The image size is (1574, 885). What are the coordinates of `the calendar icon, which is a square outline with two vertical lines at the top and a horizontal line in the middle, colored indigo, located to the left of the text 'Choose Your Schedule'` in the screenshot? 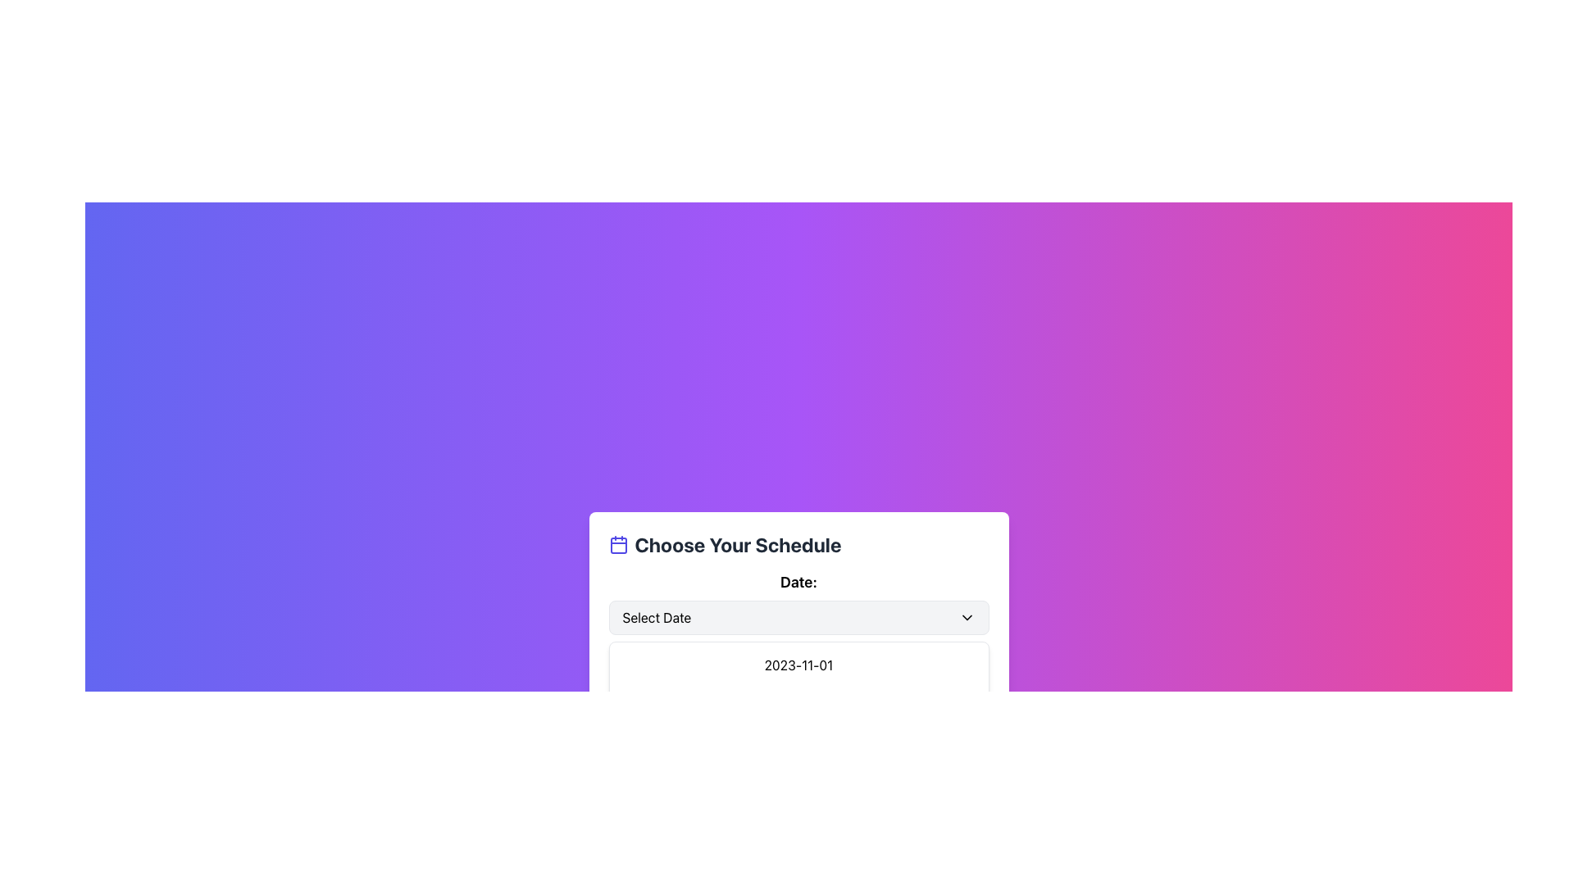 It's located at (617, 544).